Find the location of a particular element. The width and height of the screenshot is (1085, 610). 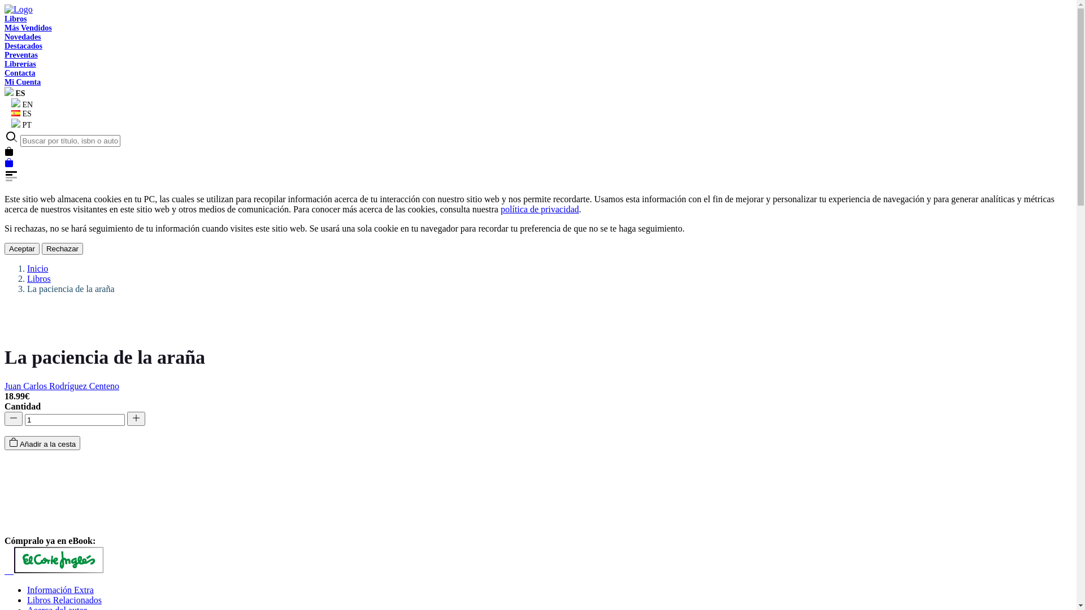

'ES' is located at coordinates (15, 93).